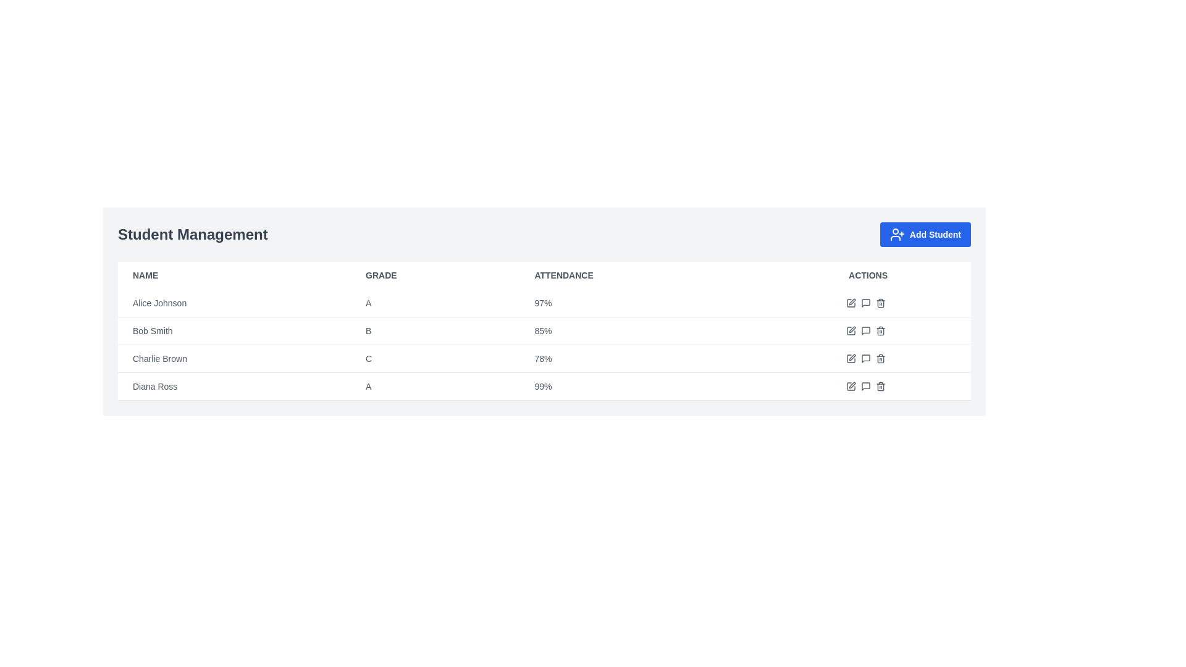  I want to click on the single uppercase letter 'A' in the grade column for 'Alice Johnson', which is displayed in dark grey on a white background, so click(435, 303).